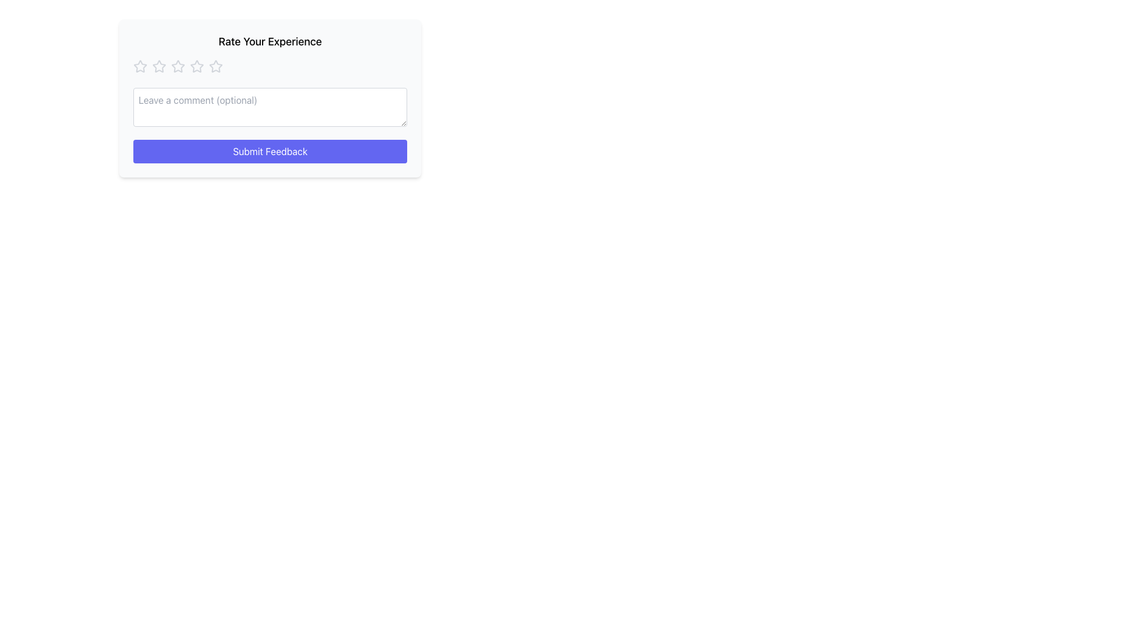 This screenshot has height=637, width=1133. Describe the element at coordinates (158, 66) in the screenshot. I see `the first star icon in the five-star rating system under the heading 'Rate Your Experience' to set the rating` at that location.